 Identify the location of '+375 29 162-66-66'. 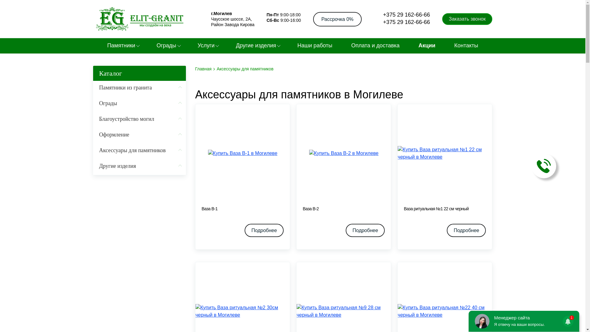
(402, 22).